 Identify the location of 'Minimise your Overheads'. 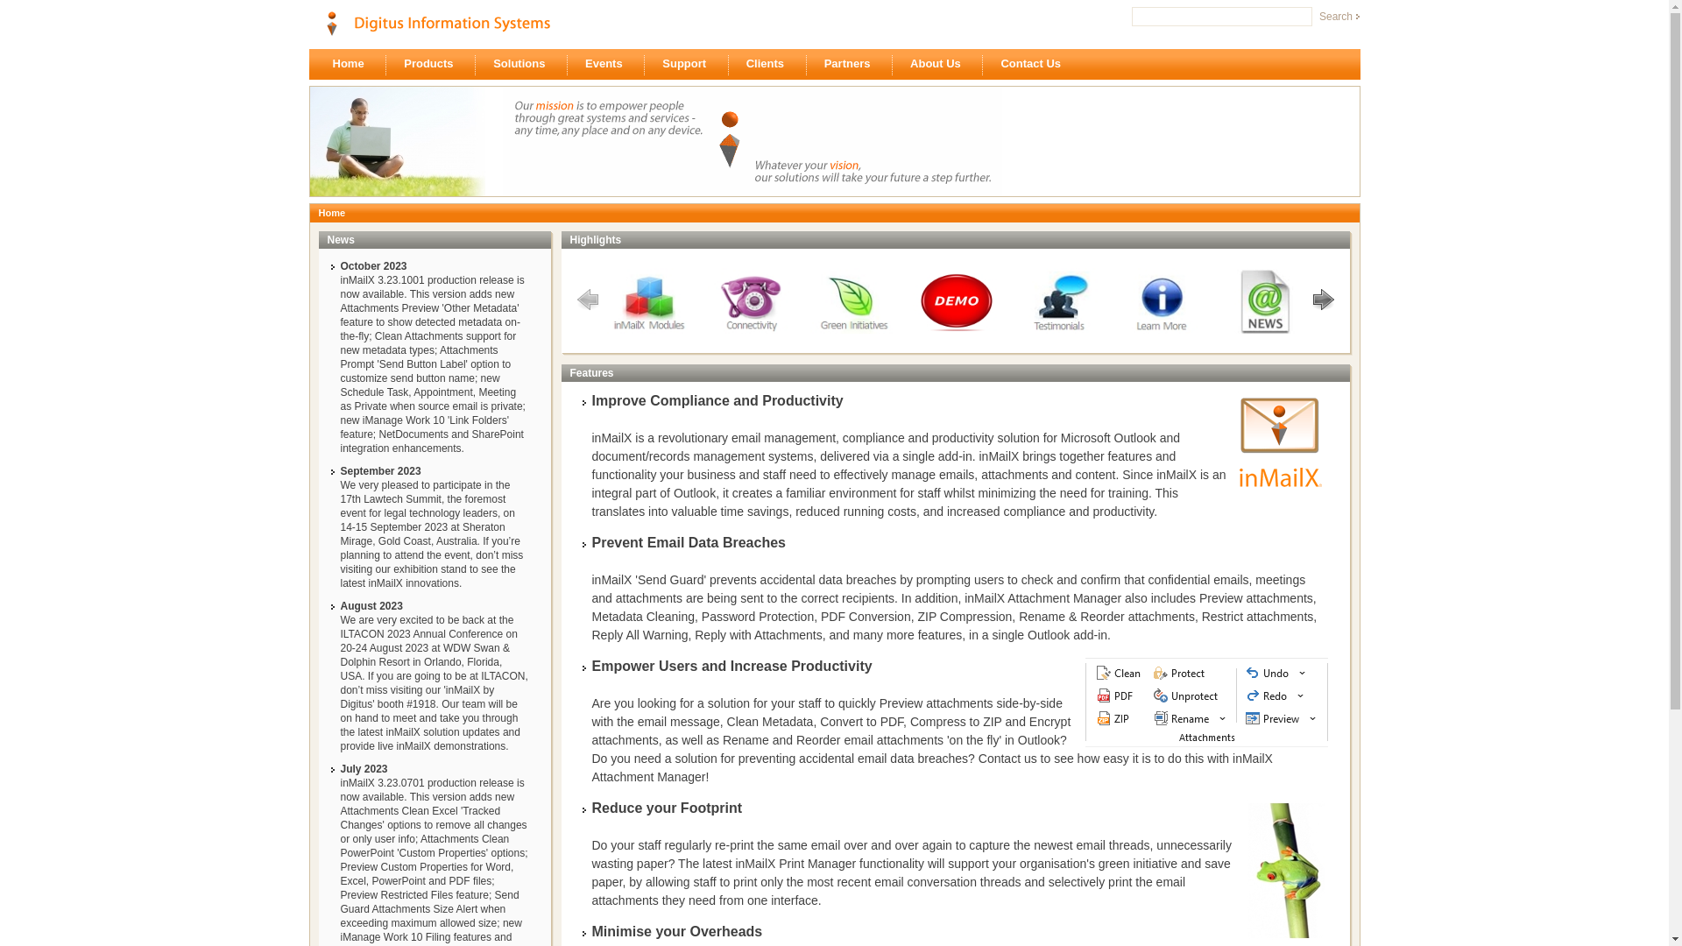
(592, 930).